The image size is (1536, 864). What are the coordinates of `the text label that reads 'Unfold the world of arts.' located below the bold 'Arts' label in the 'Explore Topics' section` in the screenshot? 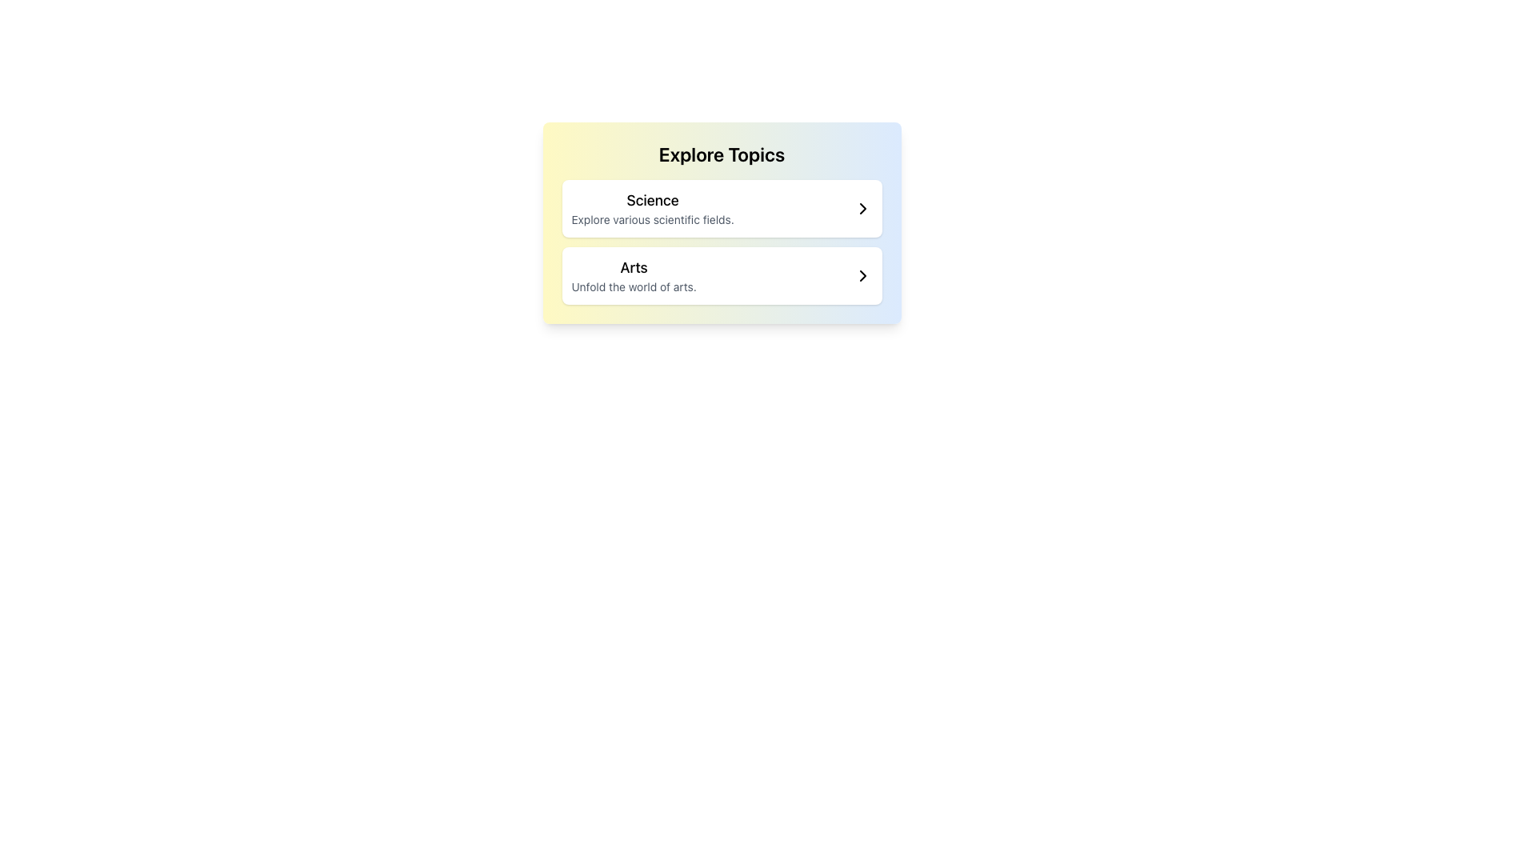 It's located at (633, 286).